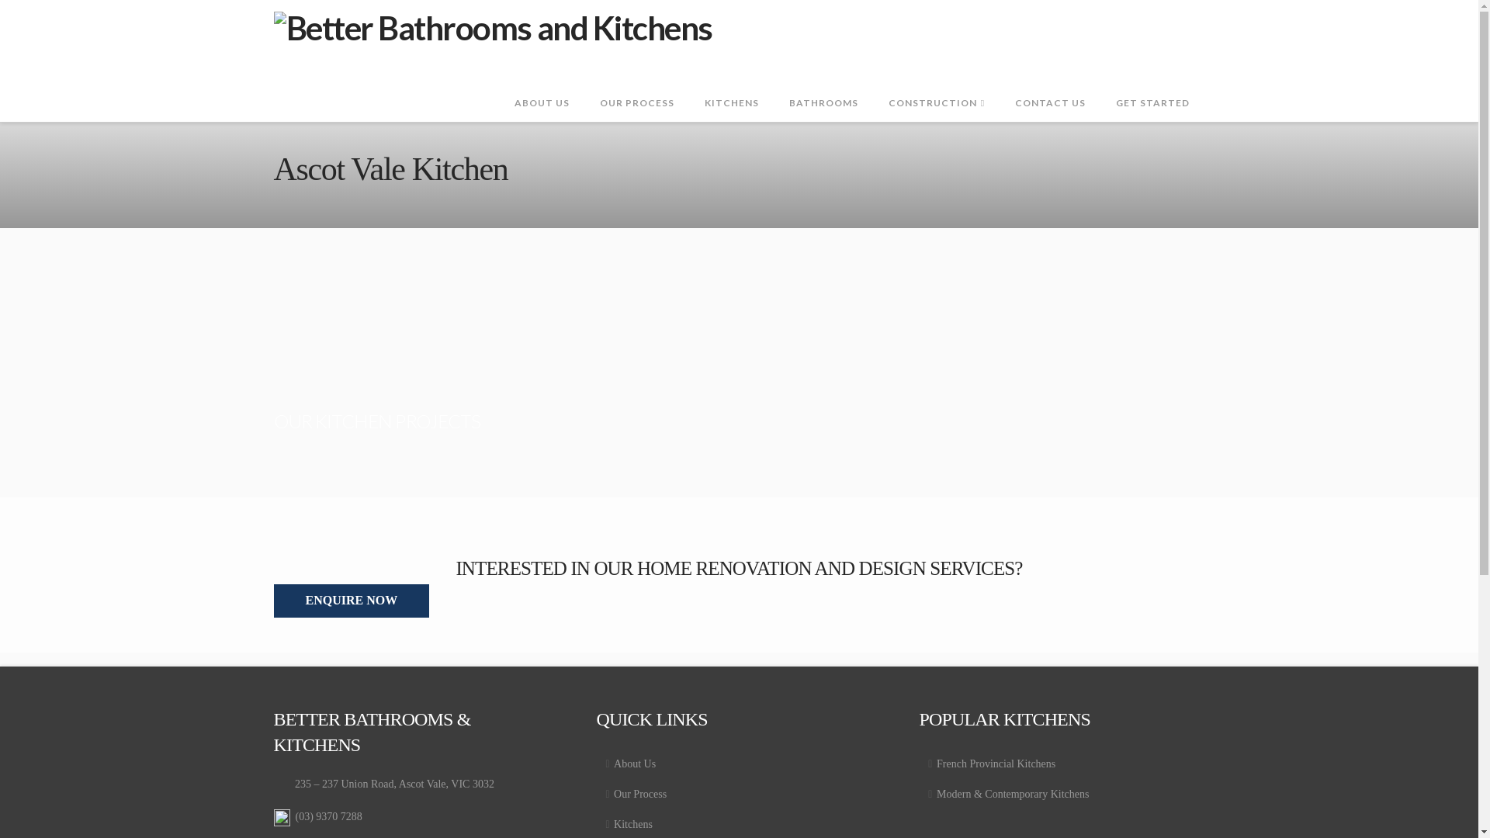 This screenshot has width=1490, height=838. Describe the element at coordinates (1061, 794) in the screenshot. I see `'Modern & Contemporary Kitchens'` at that location.